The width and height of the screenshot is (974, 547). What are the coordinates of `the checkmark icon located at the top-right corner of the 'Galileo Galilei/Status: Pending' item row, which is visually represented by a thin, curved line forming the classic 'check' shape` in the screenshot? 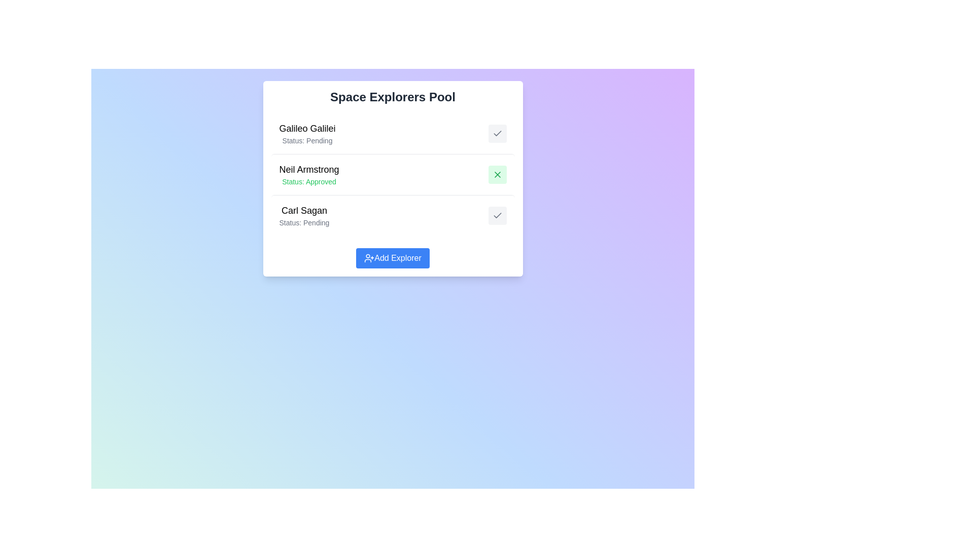 It's located at (497, 215).